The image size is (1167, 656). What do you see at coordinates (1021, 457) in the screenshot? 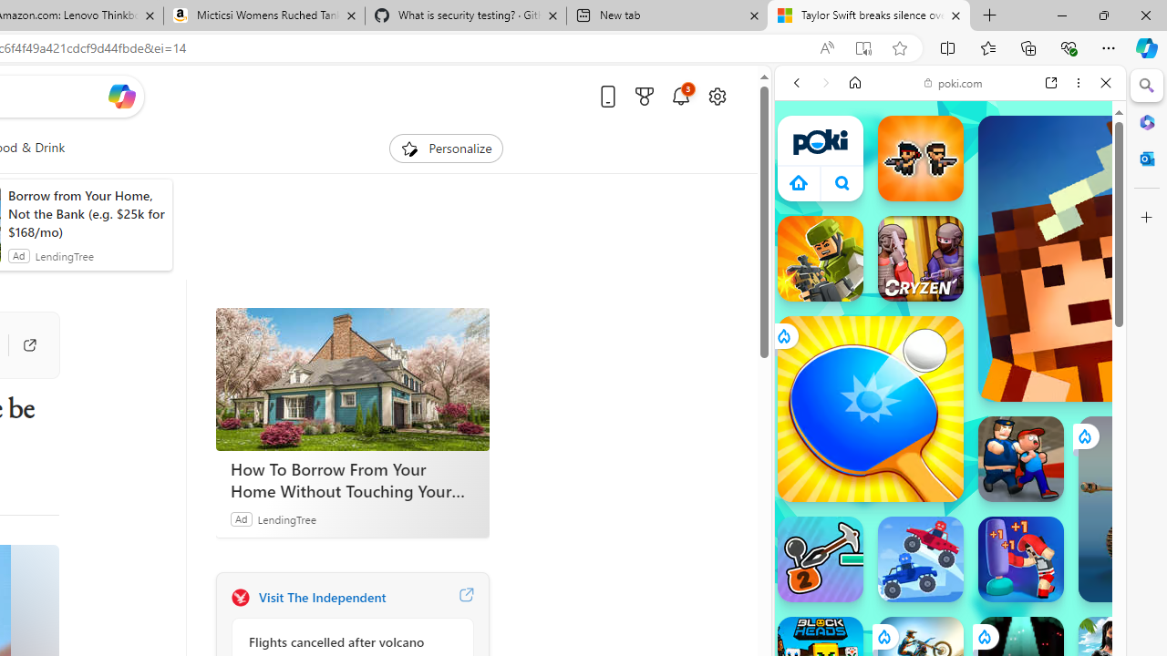
I see `'Escape From School Escape From School'` at bounding box center [1021, 457].